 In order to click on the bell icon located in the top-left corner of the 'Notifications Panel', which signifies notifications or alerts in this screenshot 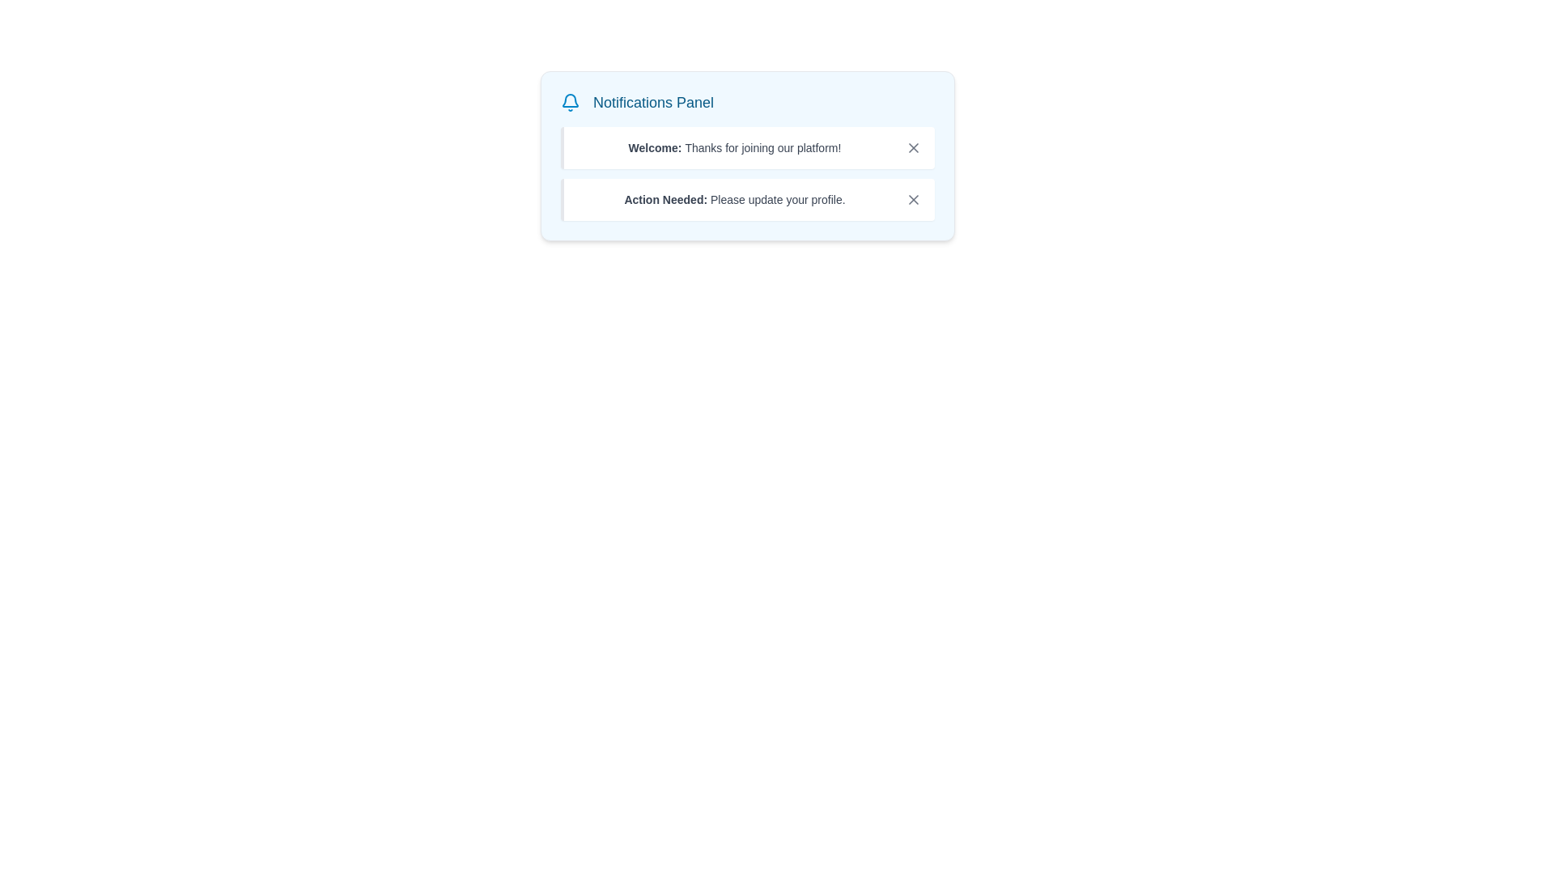, I will do `click(571, 103)`.